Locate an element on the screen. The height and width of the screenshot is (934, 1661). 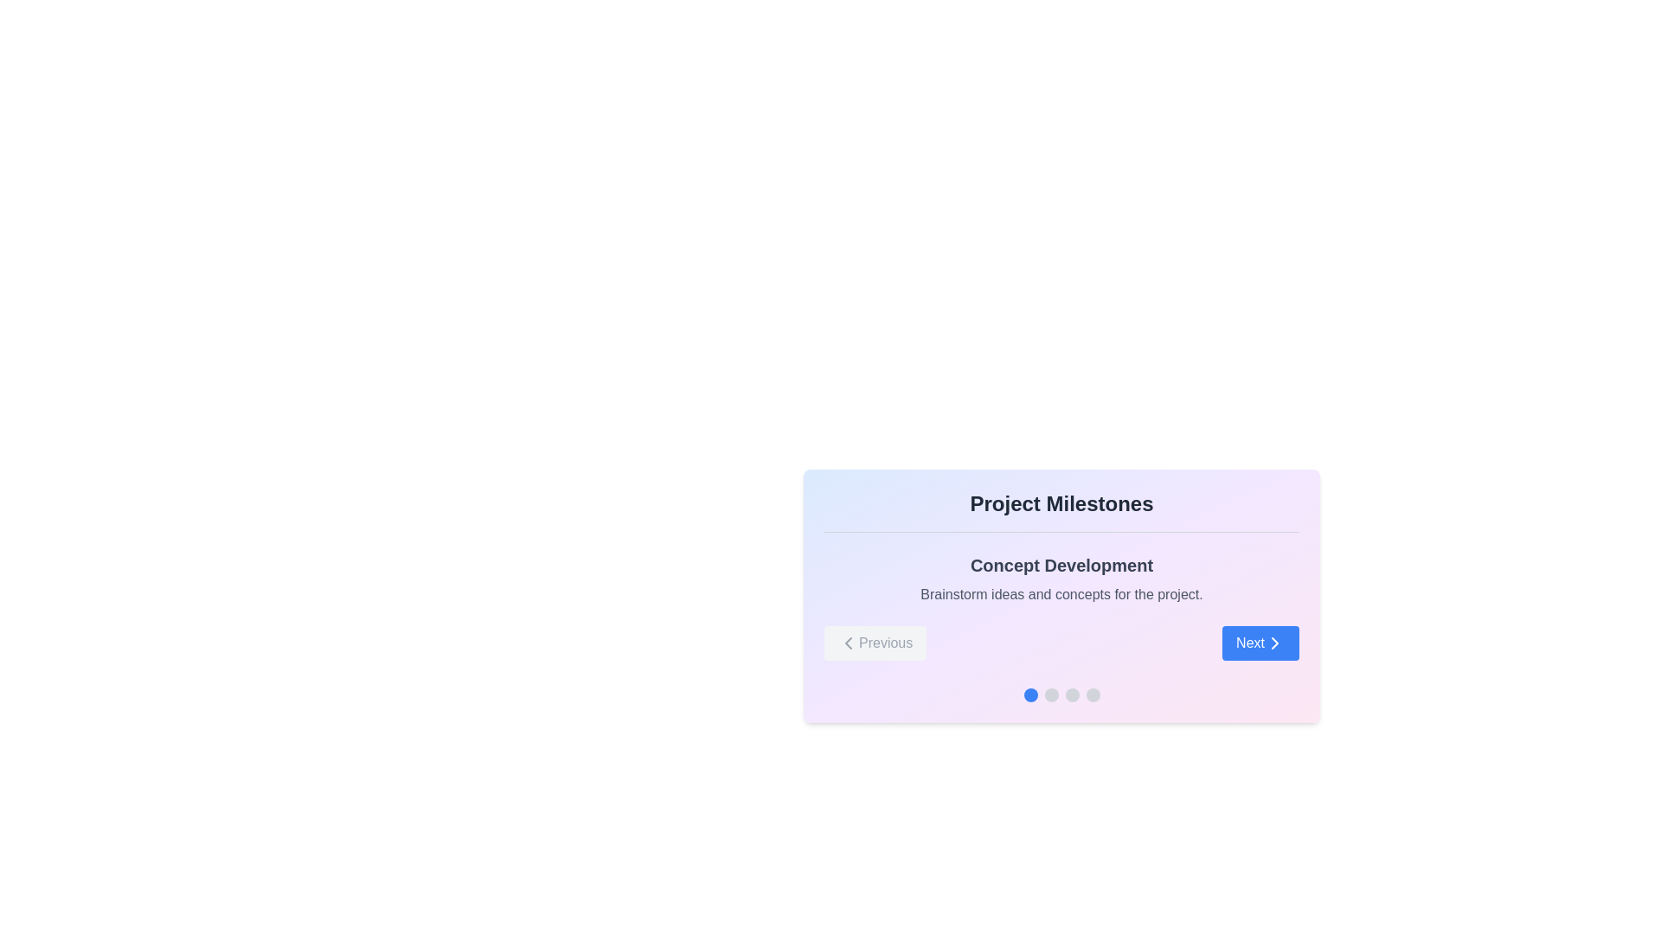
the 'Previous' button, which is styled with a rounded shape, light gray background, and gray text, located to the left of the 'Next' button in the navigation section is located at coordinates (875, 643).